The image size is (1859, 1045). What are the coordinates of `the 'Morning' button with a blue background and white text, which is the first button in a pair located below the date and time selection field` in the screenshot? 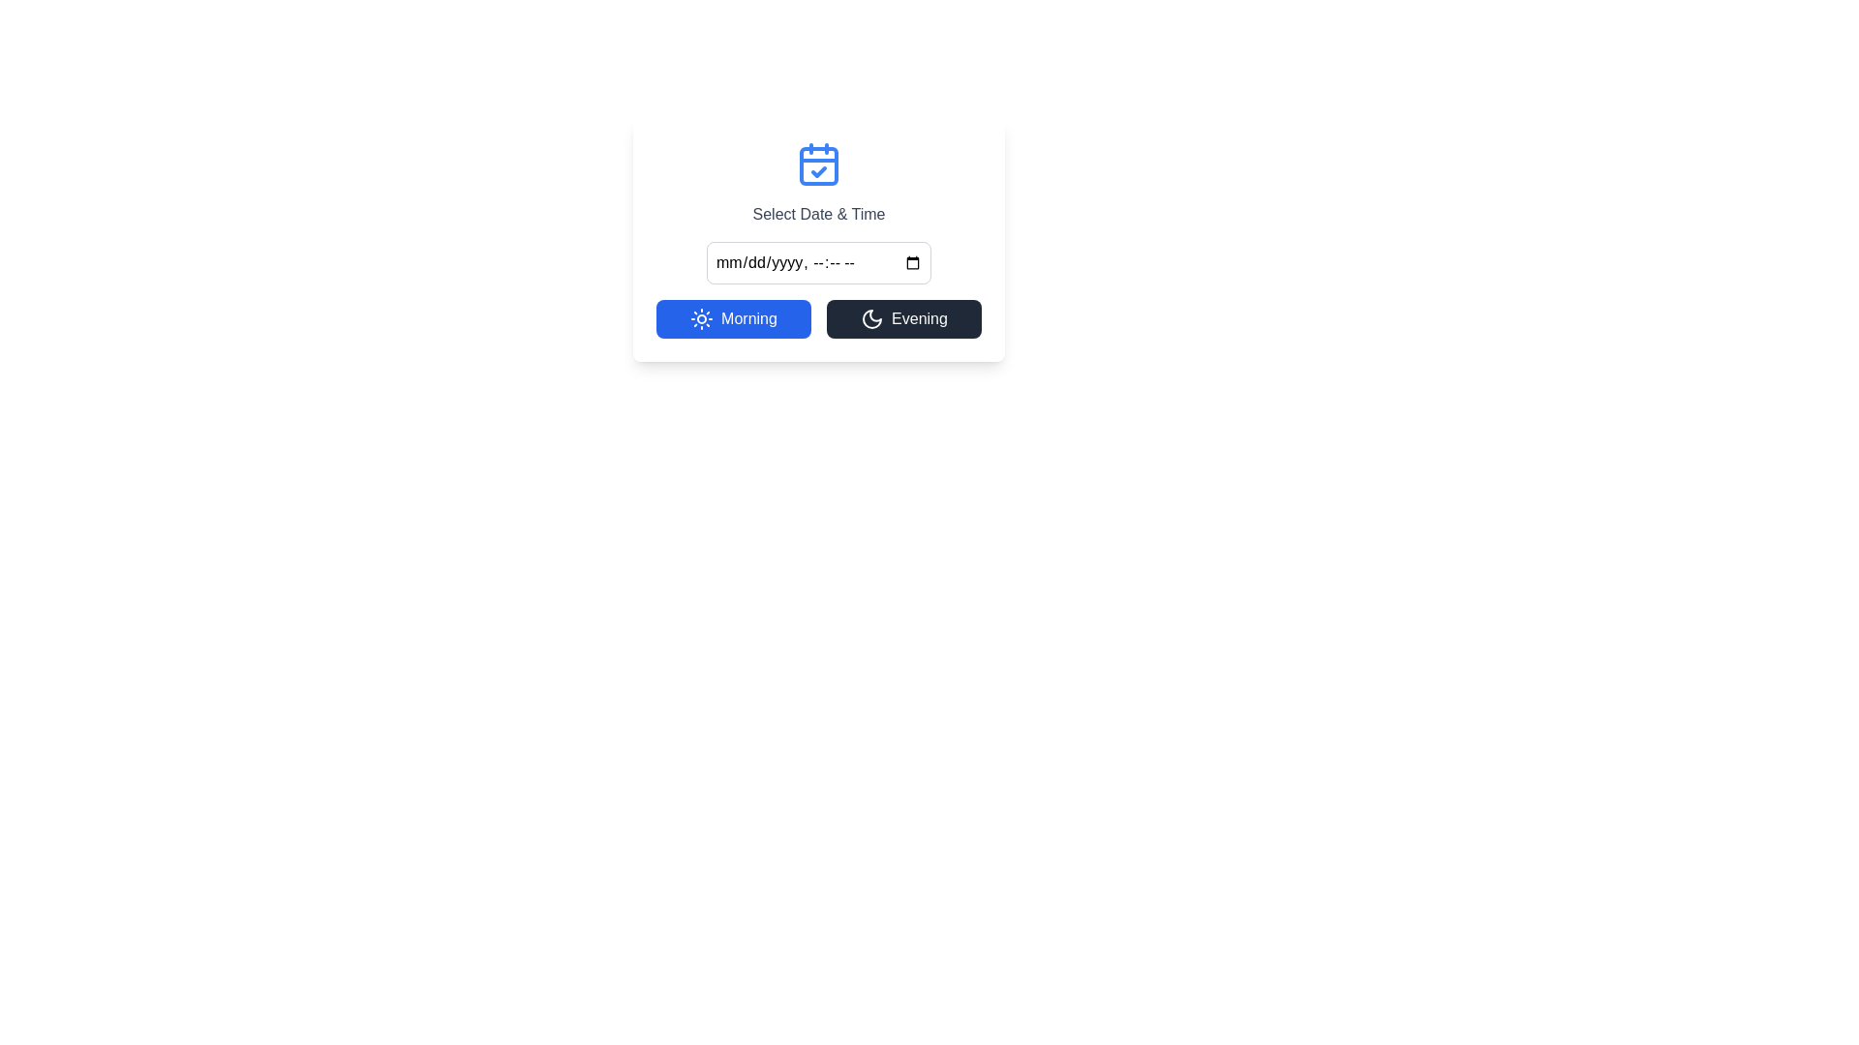 It's located at (733, 318).